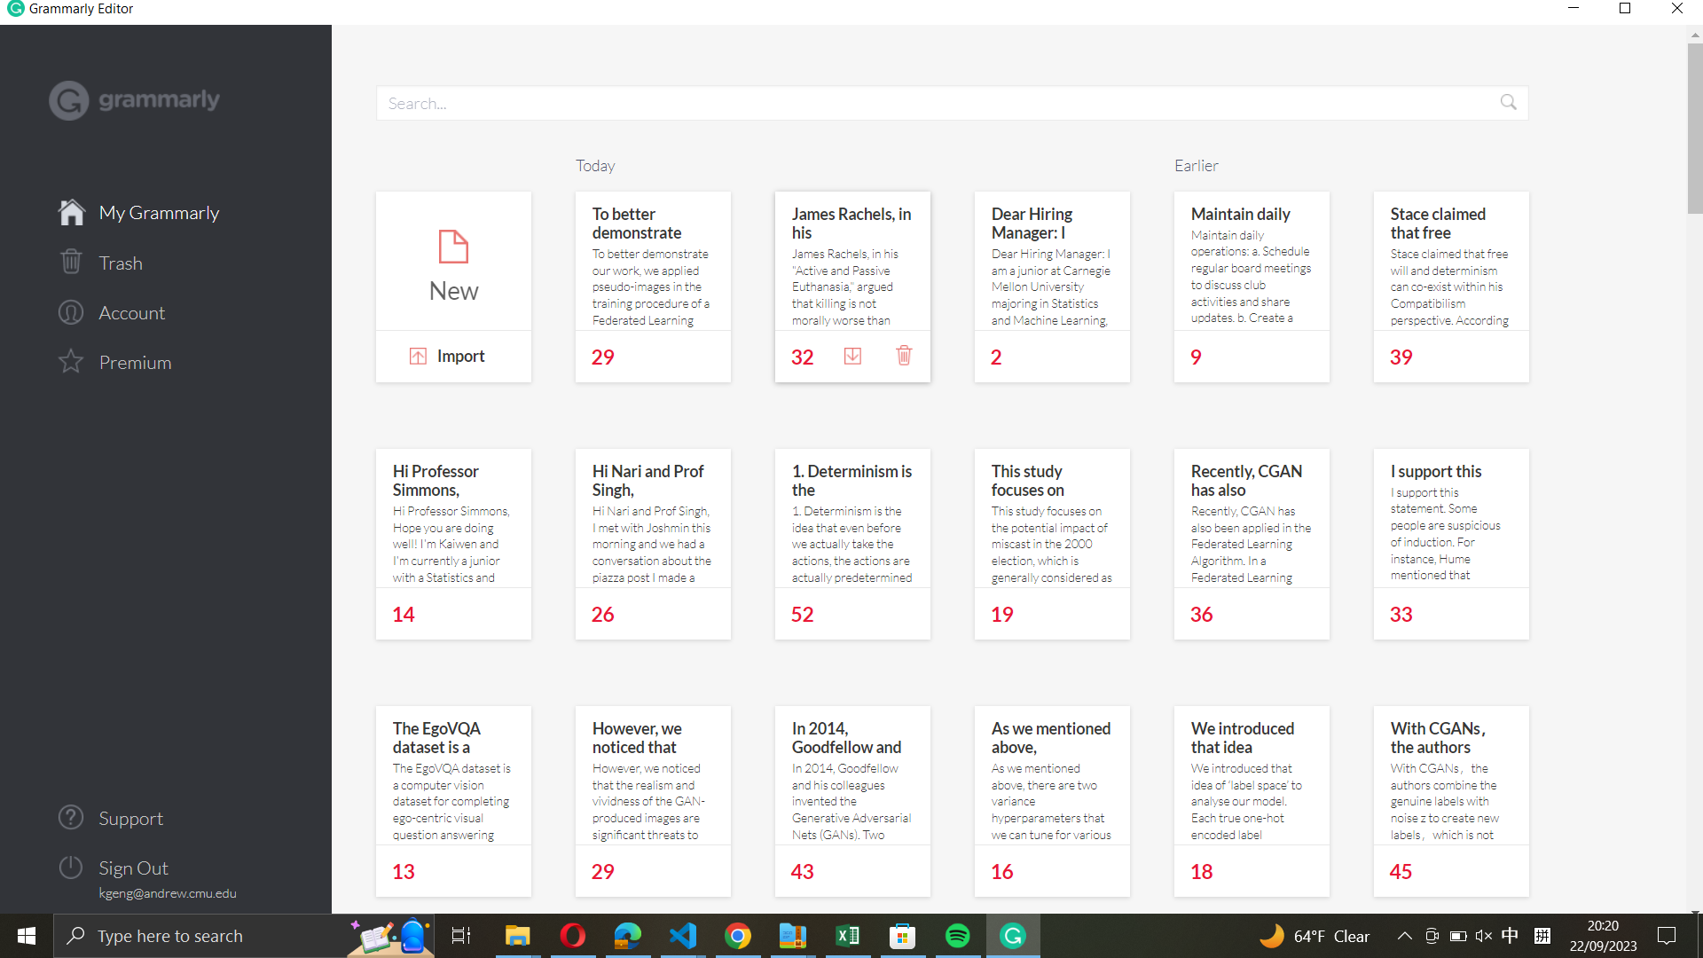  I want to click on the "With CGANs, the authors" file, so click(1451, 773).